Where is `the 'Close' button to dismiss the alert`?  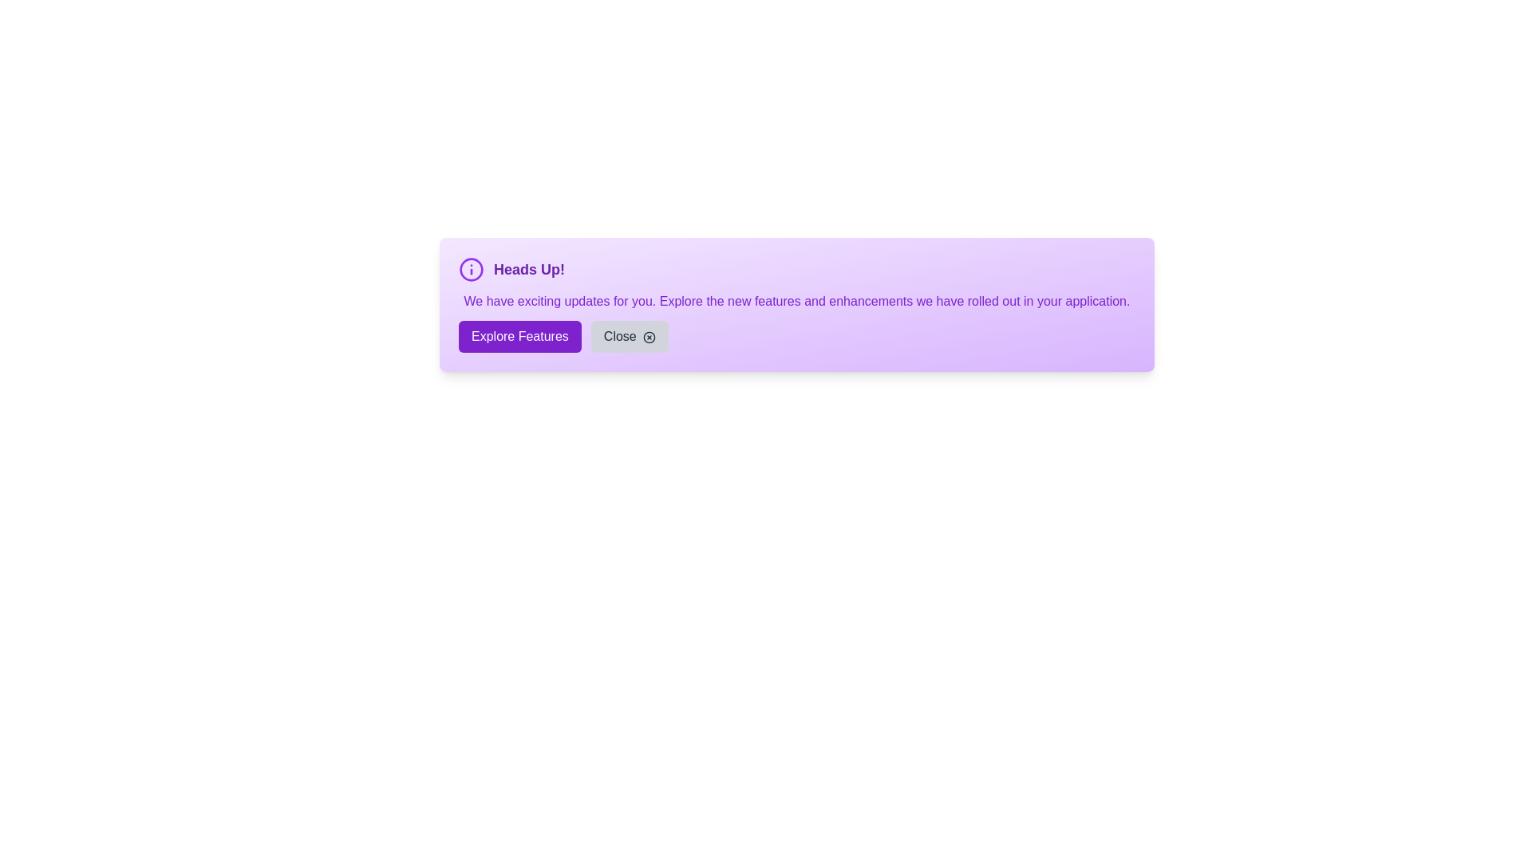 the 'Close' button to dismiss the alert is located at coordinates (629, 335).